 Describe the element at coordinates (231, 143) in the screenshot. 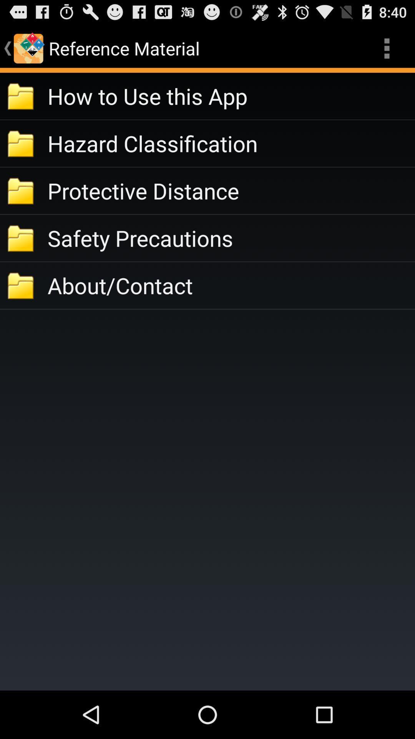

I see `the hazard classification` at that location.